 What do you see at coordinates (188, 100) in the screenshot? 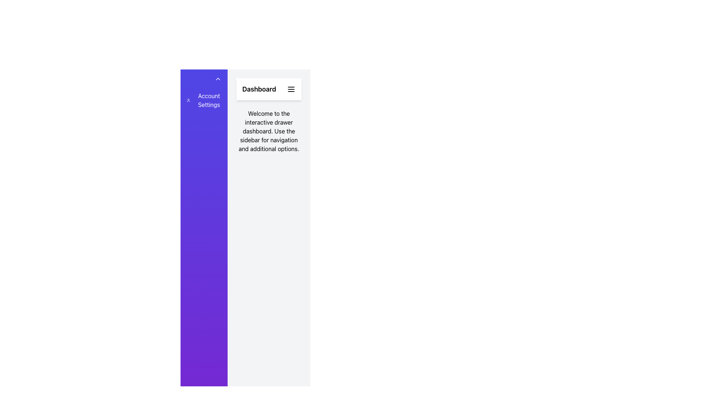
I see `the user profile icon, which is a small, outlined human head and shoulders icon on a purple background, located to the left of 'Account Settings' in the vertical menu bar` at bounding box center [188, 100].